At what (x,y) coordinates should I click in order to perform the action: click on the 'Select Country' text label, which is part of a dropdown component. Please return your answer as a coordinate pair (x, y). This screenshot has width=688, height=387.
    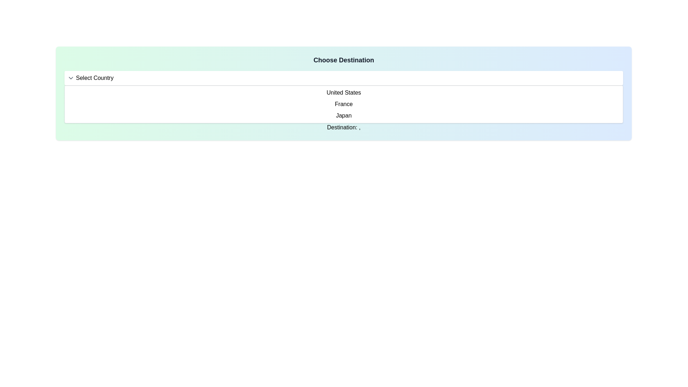
    Looking at the image, I should click on (94, 78).